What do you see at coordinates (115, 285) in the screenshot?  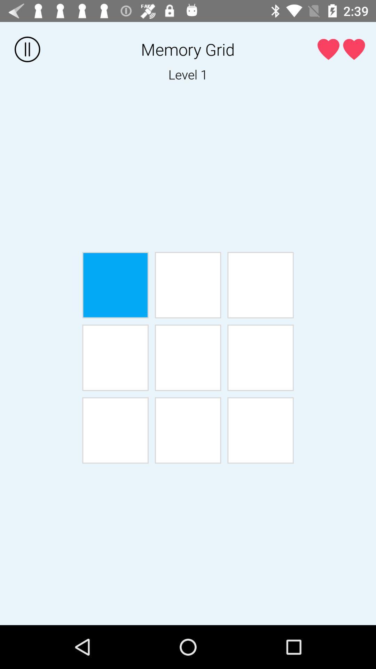 I see `item below level 1` at bounding box center [115, 285].